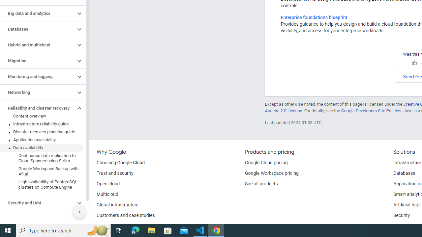  Describe the element at coordinates (401, 216) in the screenshot. I see `'Security'` at that location.